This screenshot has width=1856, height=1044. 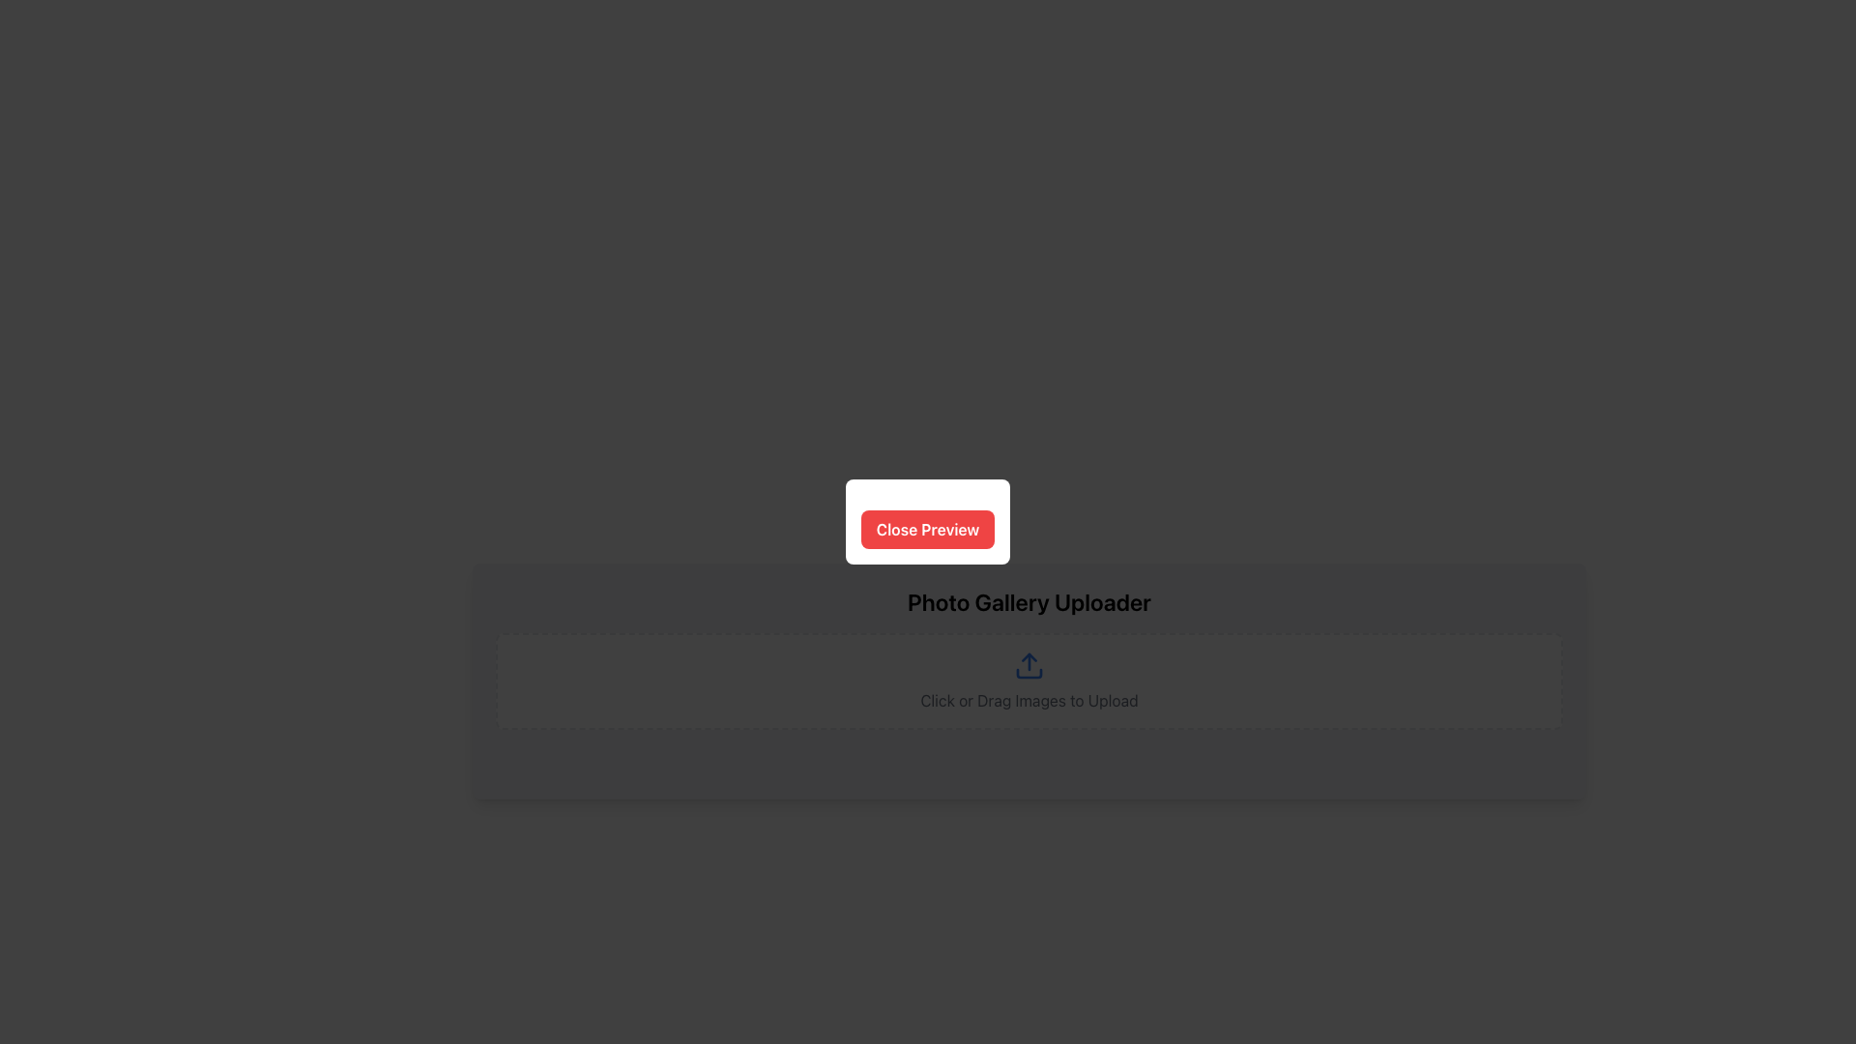 I want to click on the blue upload icon, which is a 32x32 pixel vector graphic located in the center of the upload area above the text 'Click or Drag Images to Upload', so click(x=1029, y=665).